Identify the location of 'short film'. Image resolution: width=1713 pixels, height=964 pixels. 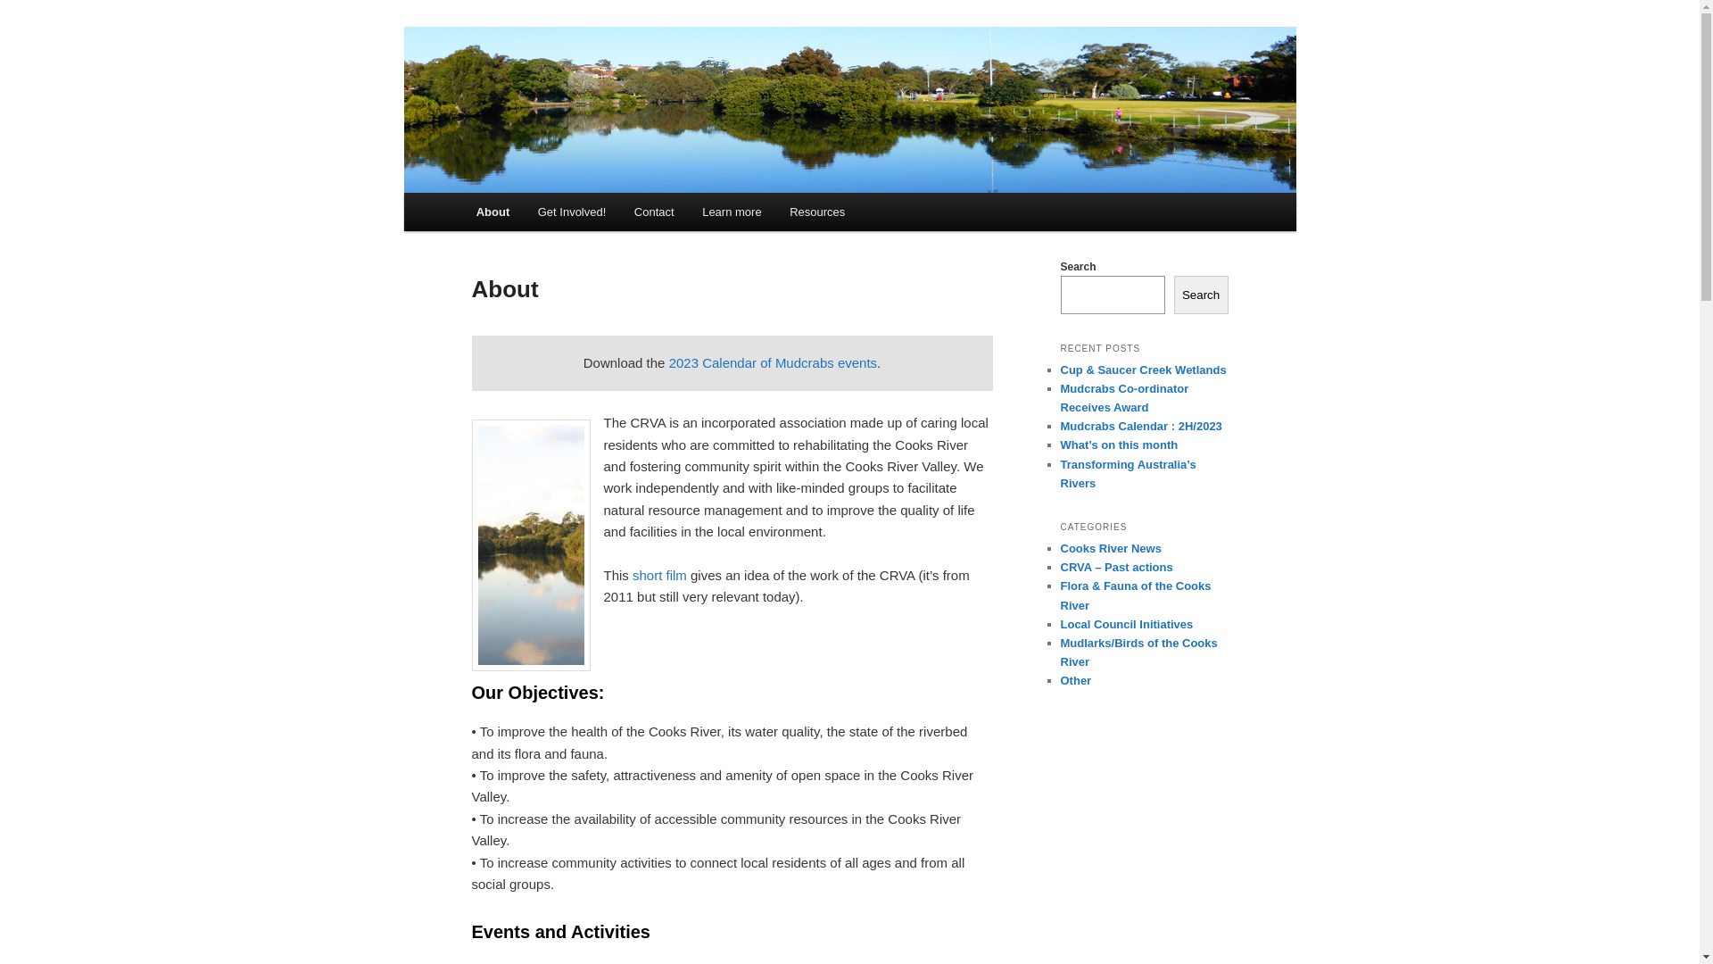
(658, 575).